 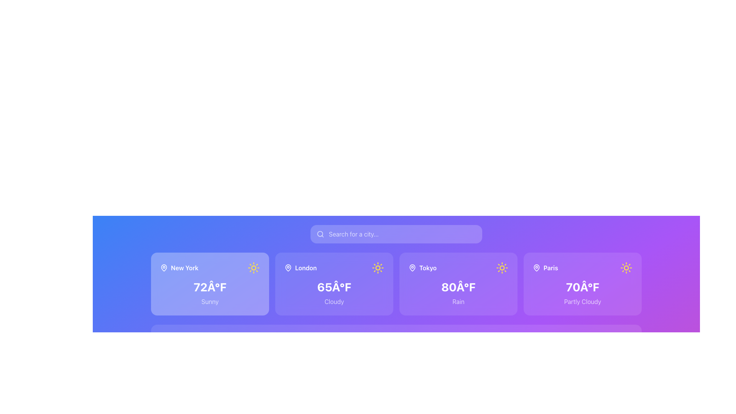 I want to click on the bold white text label reading '80Â°F' which is centrally located in the Tokyo card of the horizontal list, so click(x=458, y=287).